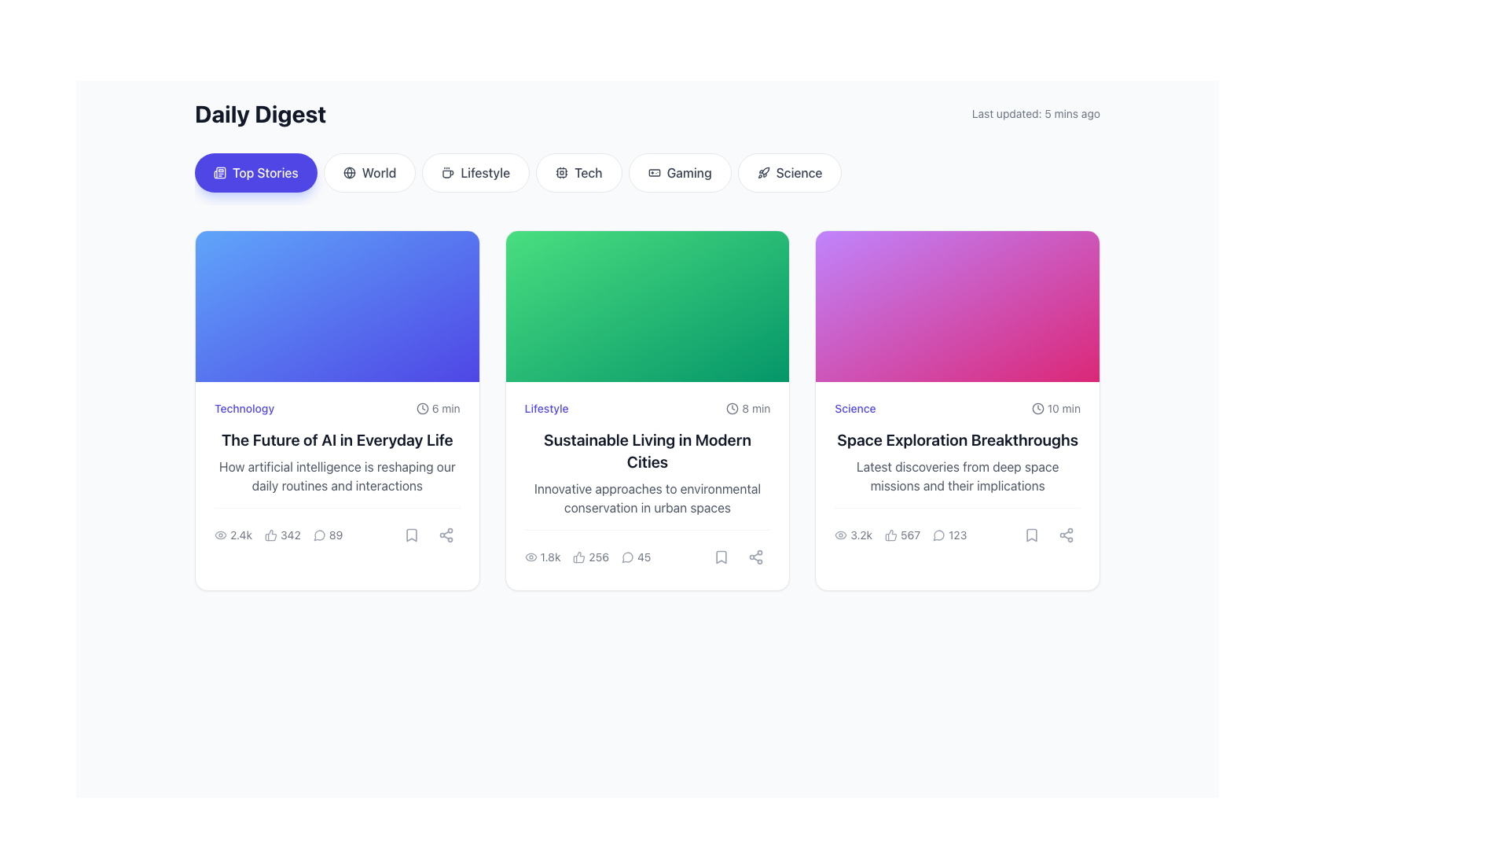  I want to click on the static text element displaying the comment count '123' with a speech bubble icon to its left, located in the bottom section of the 'Space Exploration Breakthroughs' card, so click(956, 528).